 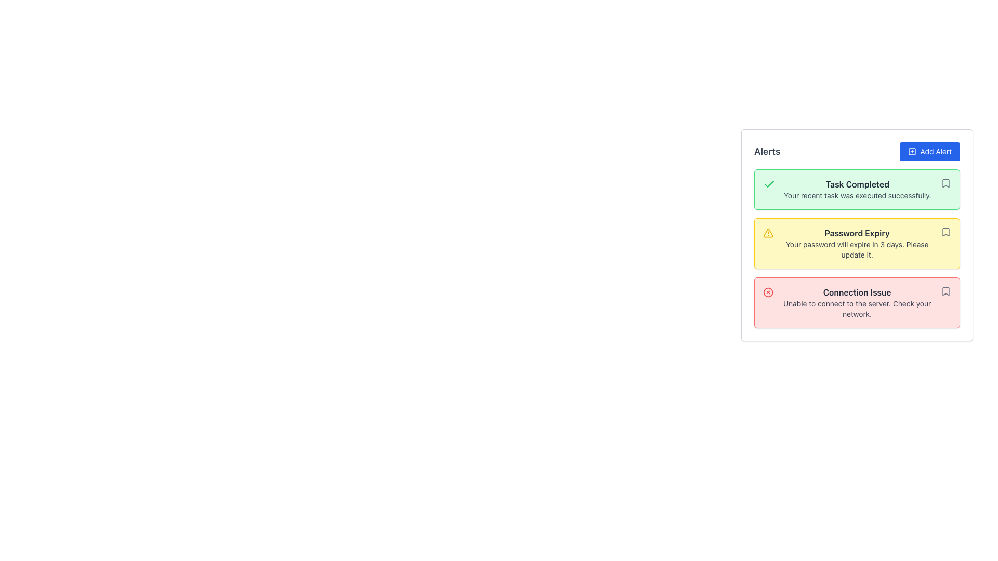 What do you see at coordinates (768, 232) in the screenshot?
I see `the yellow triangular warning icon located to the left of the 'Password Expiry' text within the alert card` at bounding box center [768, 232].